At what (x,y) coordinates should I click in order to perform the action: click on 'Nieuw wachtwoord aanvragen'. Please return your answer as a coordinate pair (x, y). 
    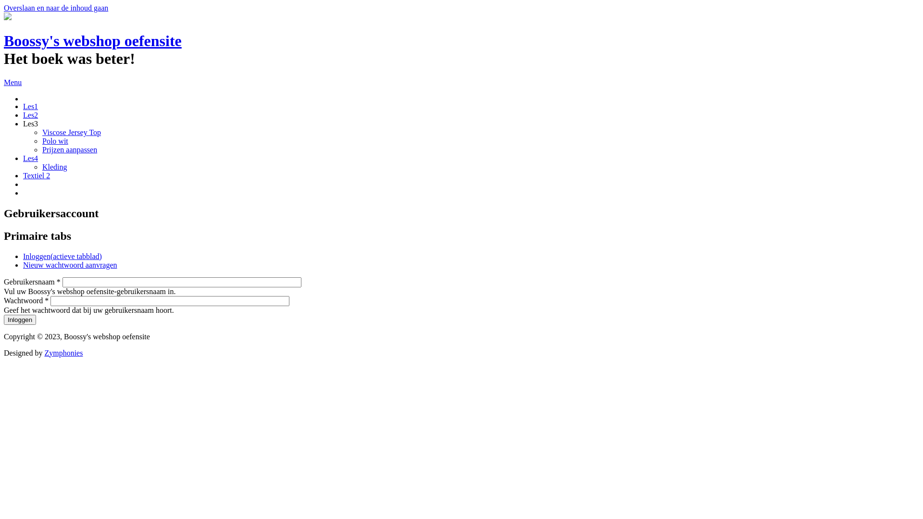
    Looking at the image, I should click on (69, 265).